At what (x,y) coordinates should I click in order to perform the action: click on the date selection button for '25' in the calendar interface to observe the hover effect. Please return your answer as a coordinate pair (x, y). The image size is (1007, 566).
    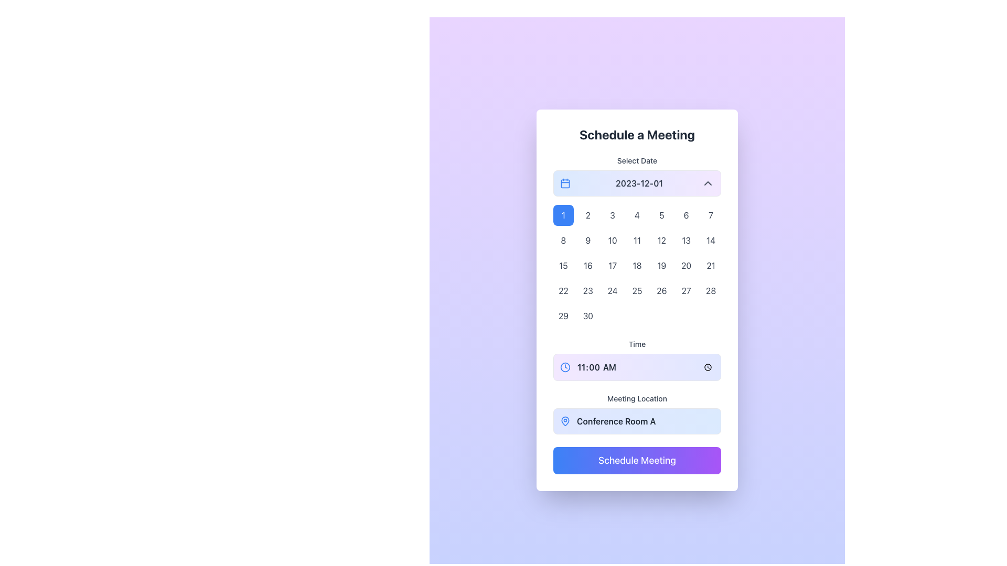
    Looking at the image, I should click on (636, 291).